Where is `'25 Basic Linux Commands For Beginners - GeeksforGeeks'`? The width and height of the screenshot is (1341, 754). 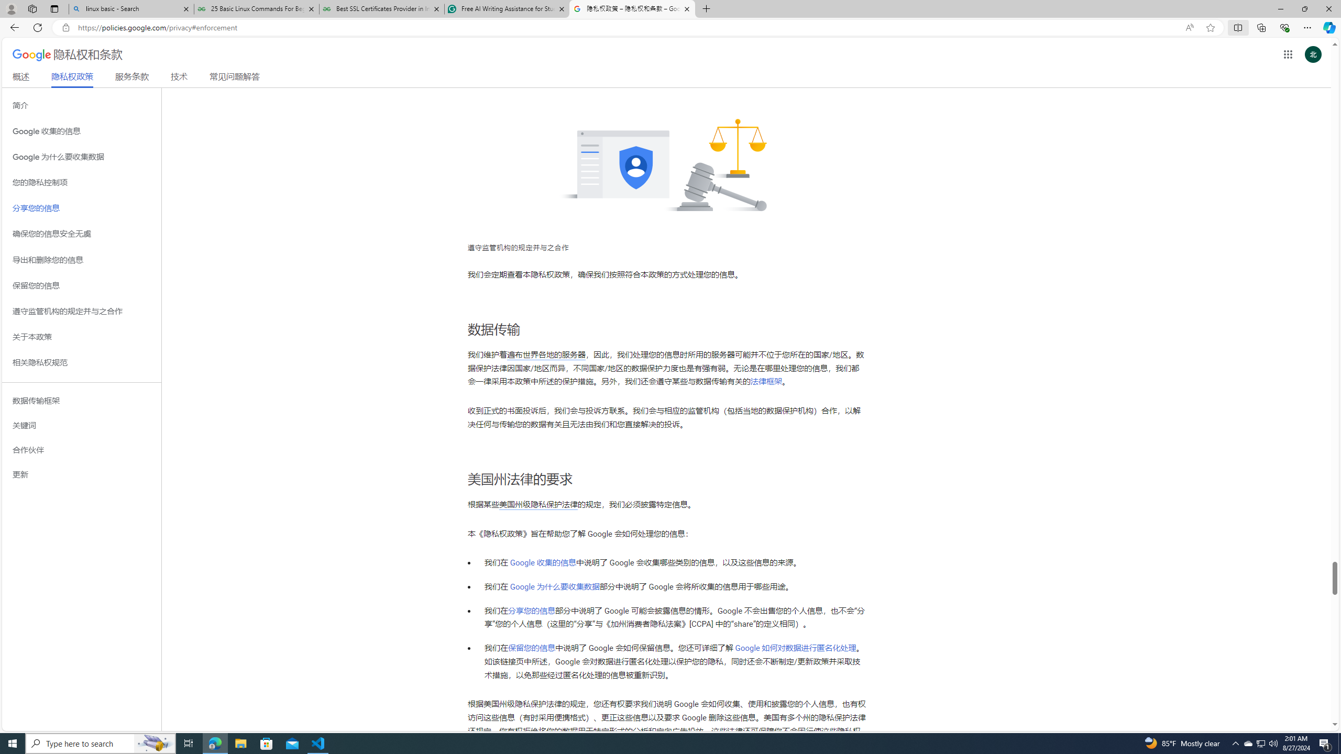
'25 Basic Linux Commands For Beginners - GeeksforGeeks' is located at coordinates (256, 8).